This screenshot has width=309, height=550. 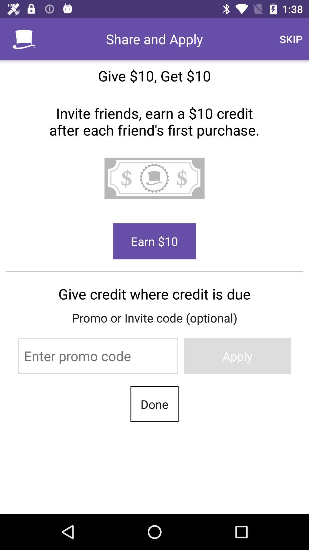 What do you see at coordinates (291, 39) in the screenshot?
I see `the skip item` at bounding box center [291, 39].